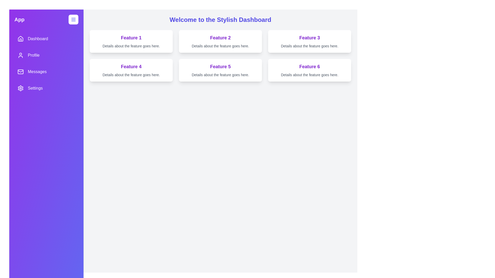 This screenshot has width=495, height=278. Describe the element at coordinates (220, 41) in the screenshot. I see `the second feature card that provides information about 'Feature 2' located in the first row of the grid` at that location.